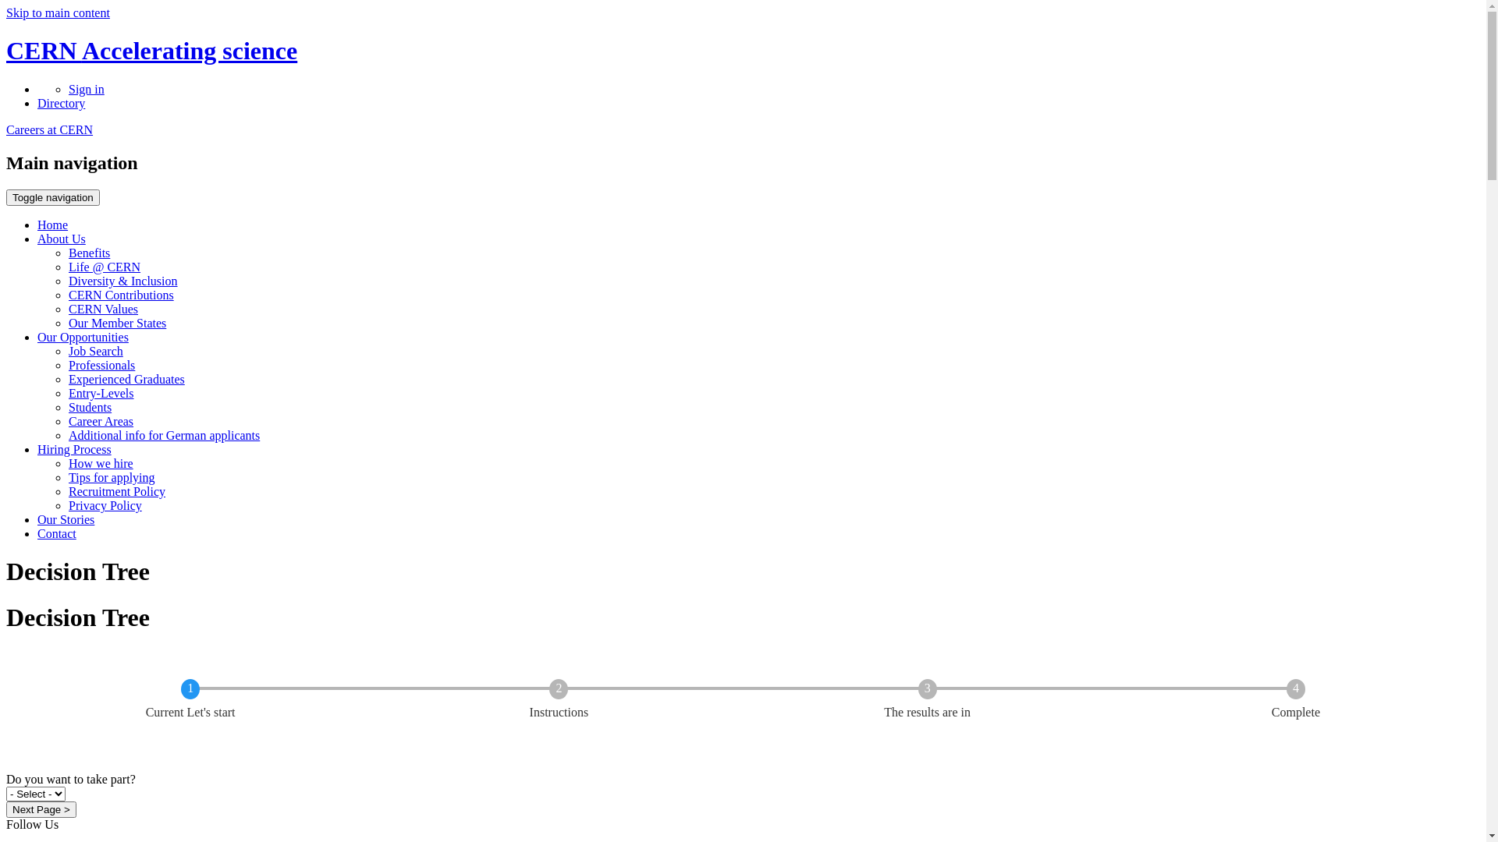 The width and height of the screenshot is (1498, 842). What do you see at coordinates (61, 239) in the screenshot?
I see `'About Us'` at bounding box center [61, 239].